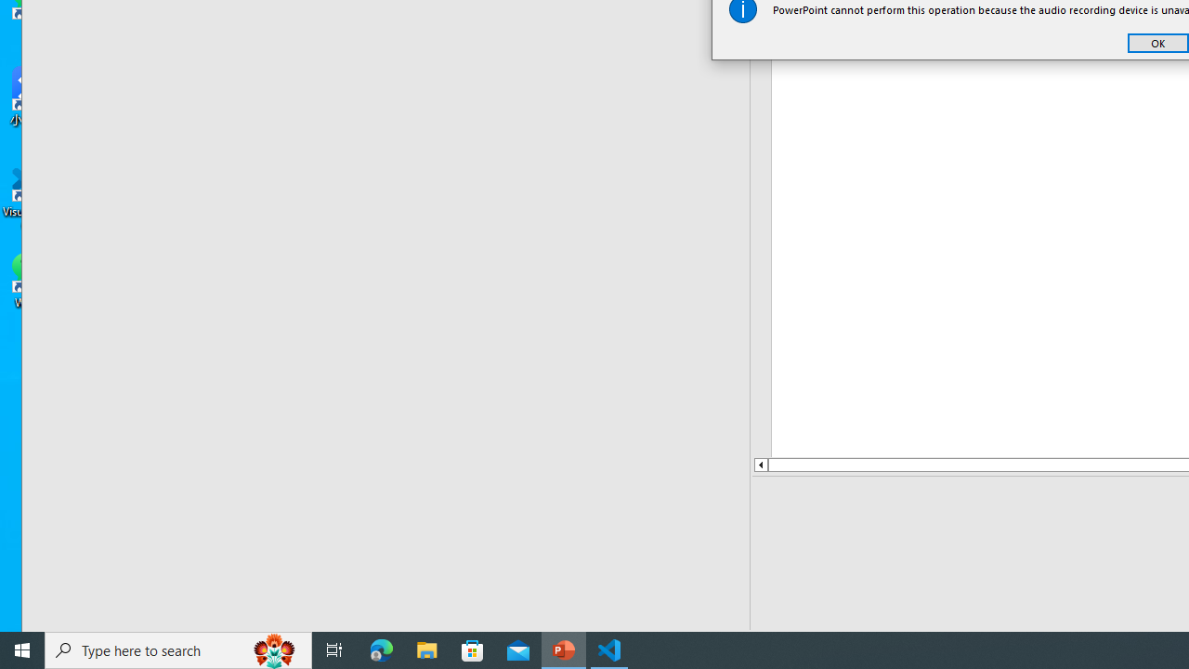 The height and width of the screenshot is (669, 1189). What do you see at coordinates (178, 649) in the screenshot?
I see `'Type here to search'` at bounding box center [178, 649].